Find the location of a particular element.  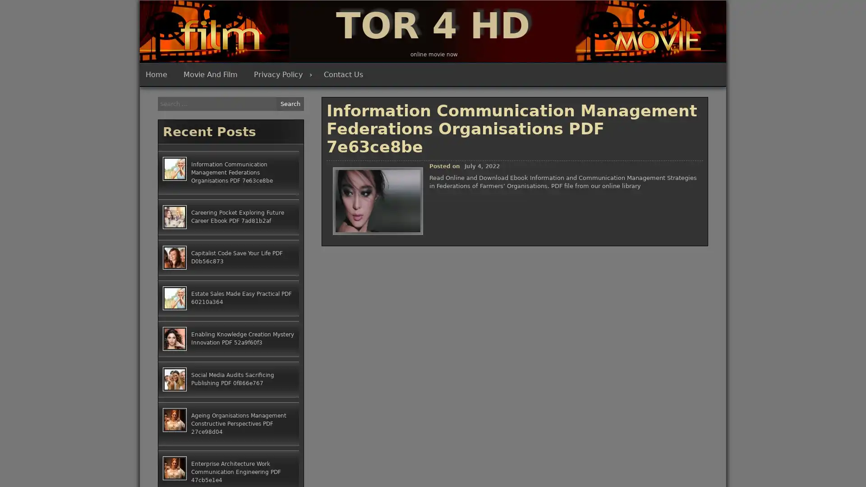

Search is located at coordinates (290, 103).